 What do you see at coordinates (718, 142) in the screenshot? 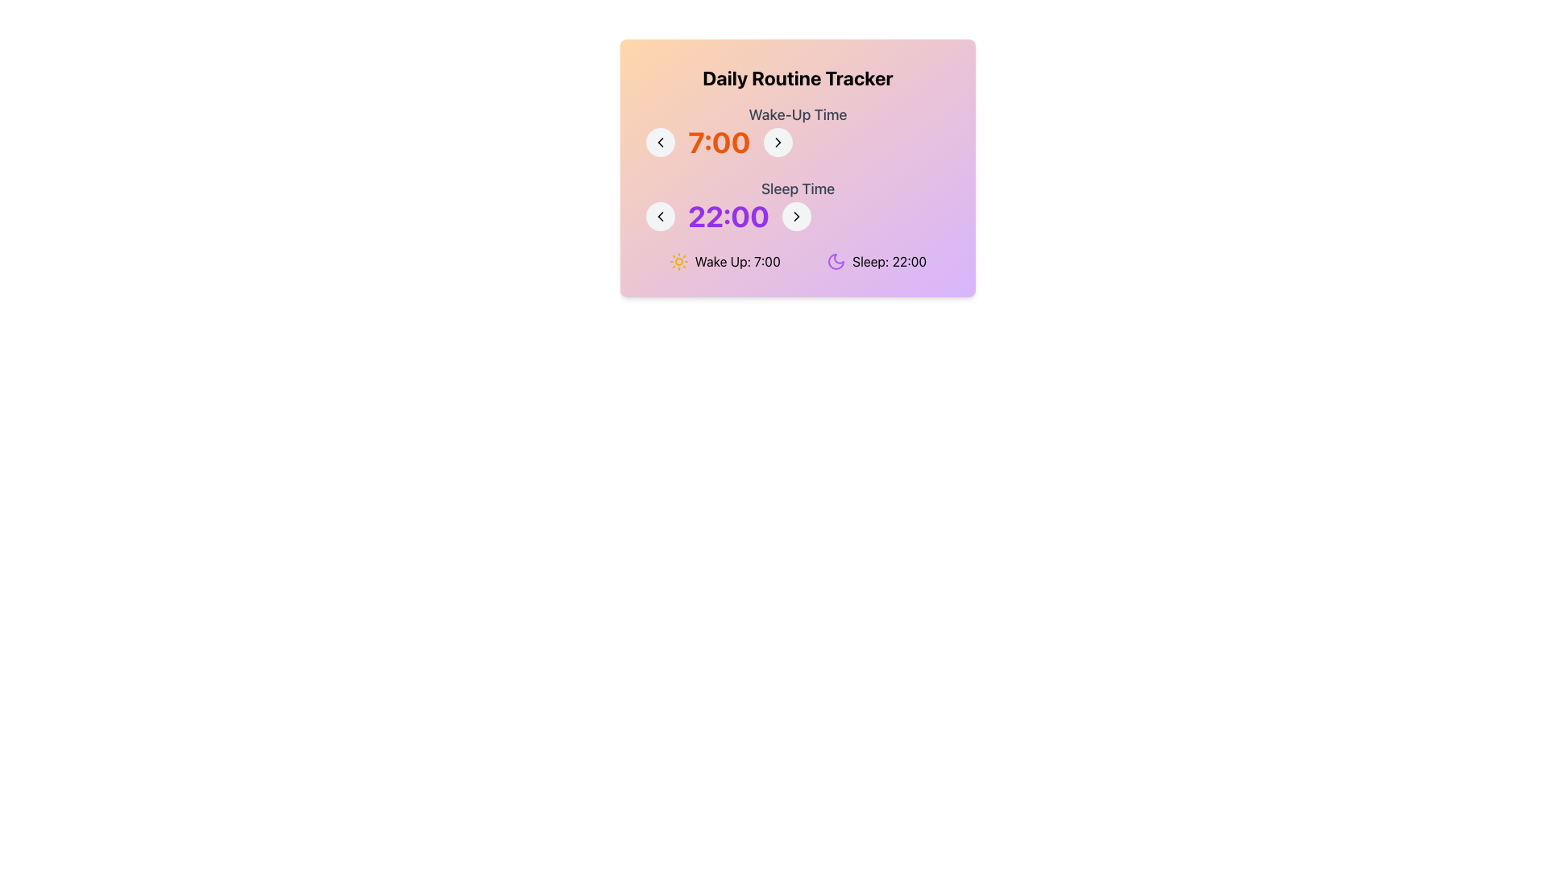
I see `the time display showing '7:00' in a large, bold, orange font, centrally located in the 'Wake-Up Time' section` at bounding box center [718, 142].